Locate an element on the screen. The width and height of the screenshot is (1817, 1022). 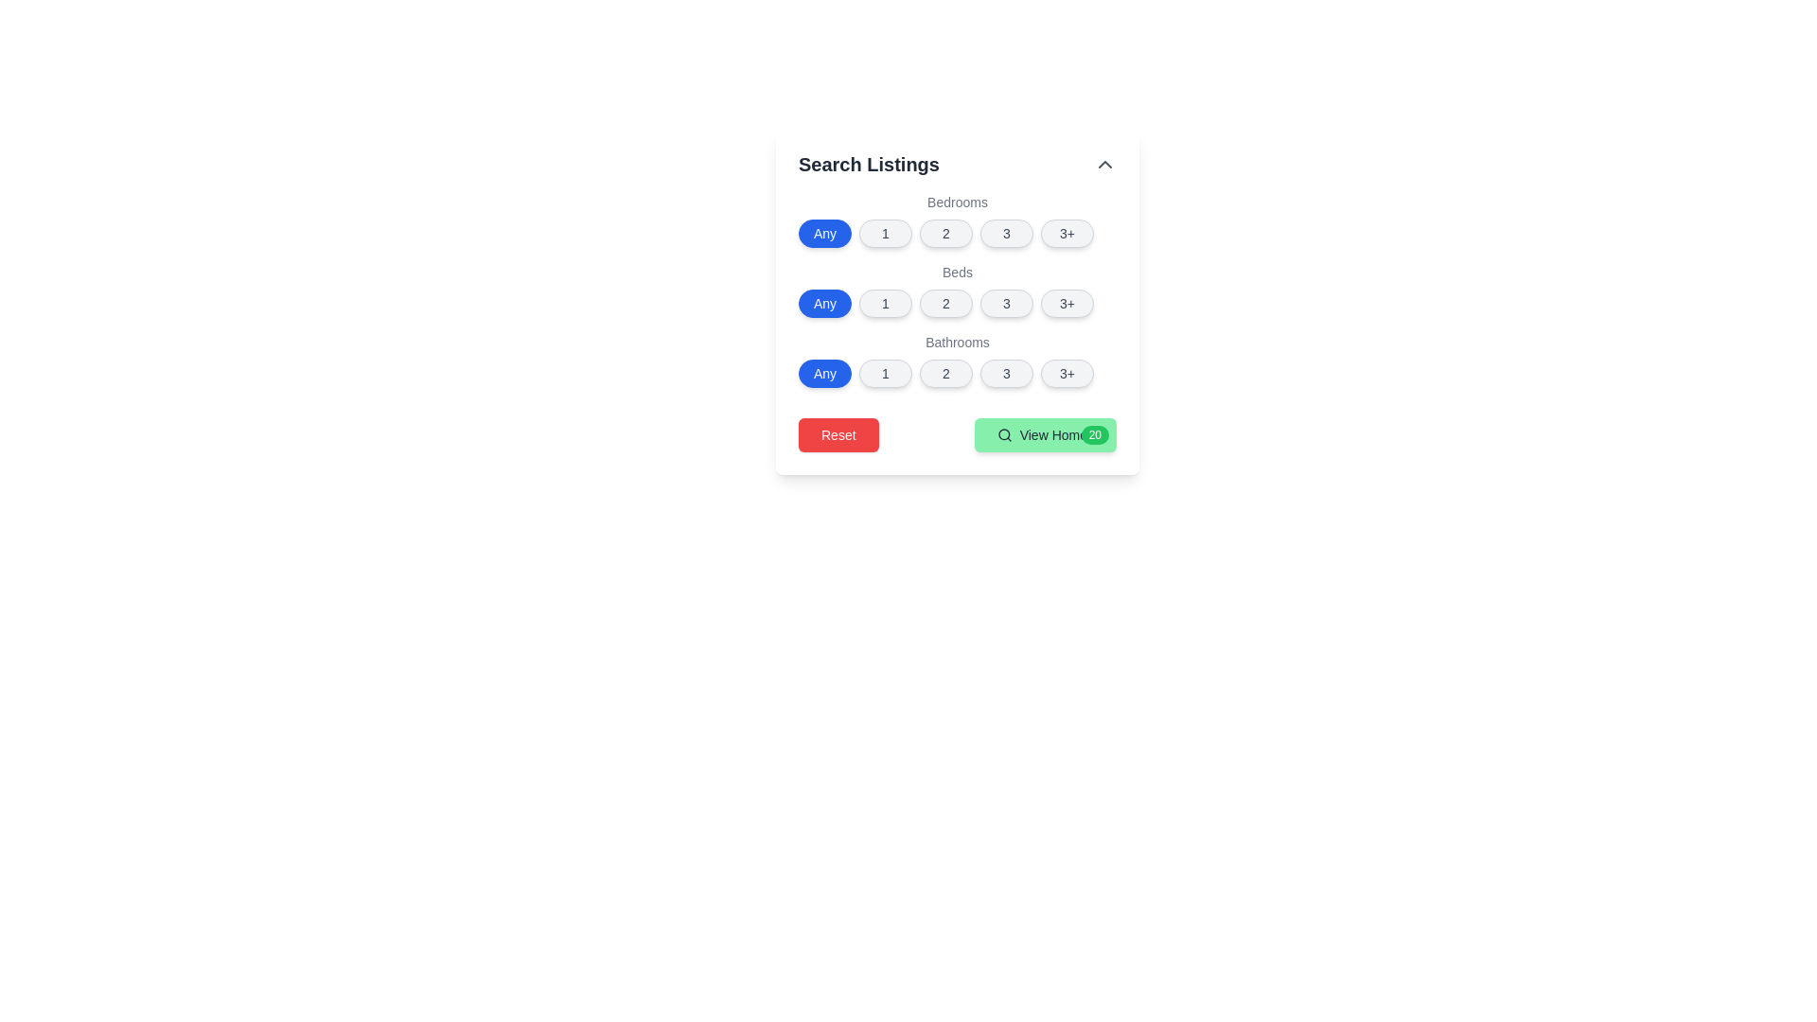
the filter button labeled '3 or more' is located at coordinates (1067, 232).